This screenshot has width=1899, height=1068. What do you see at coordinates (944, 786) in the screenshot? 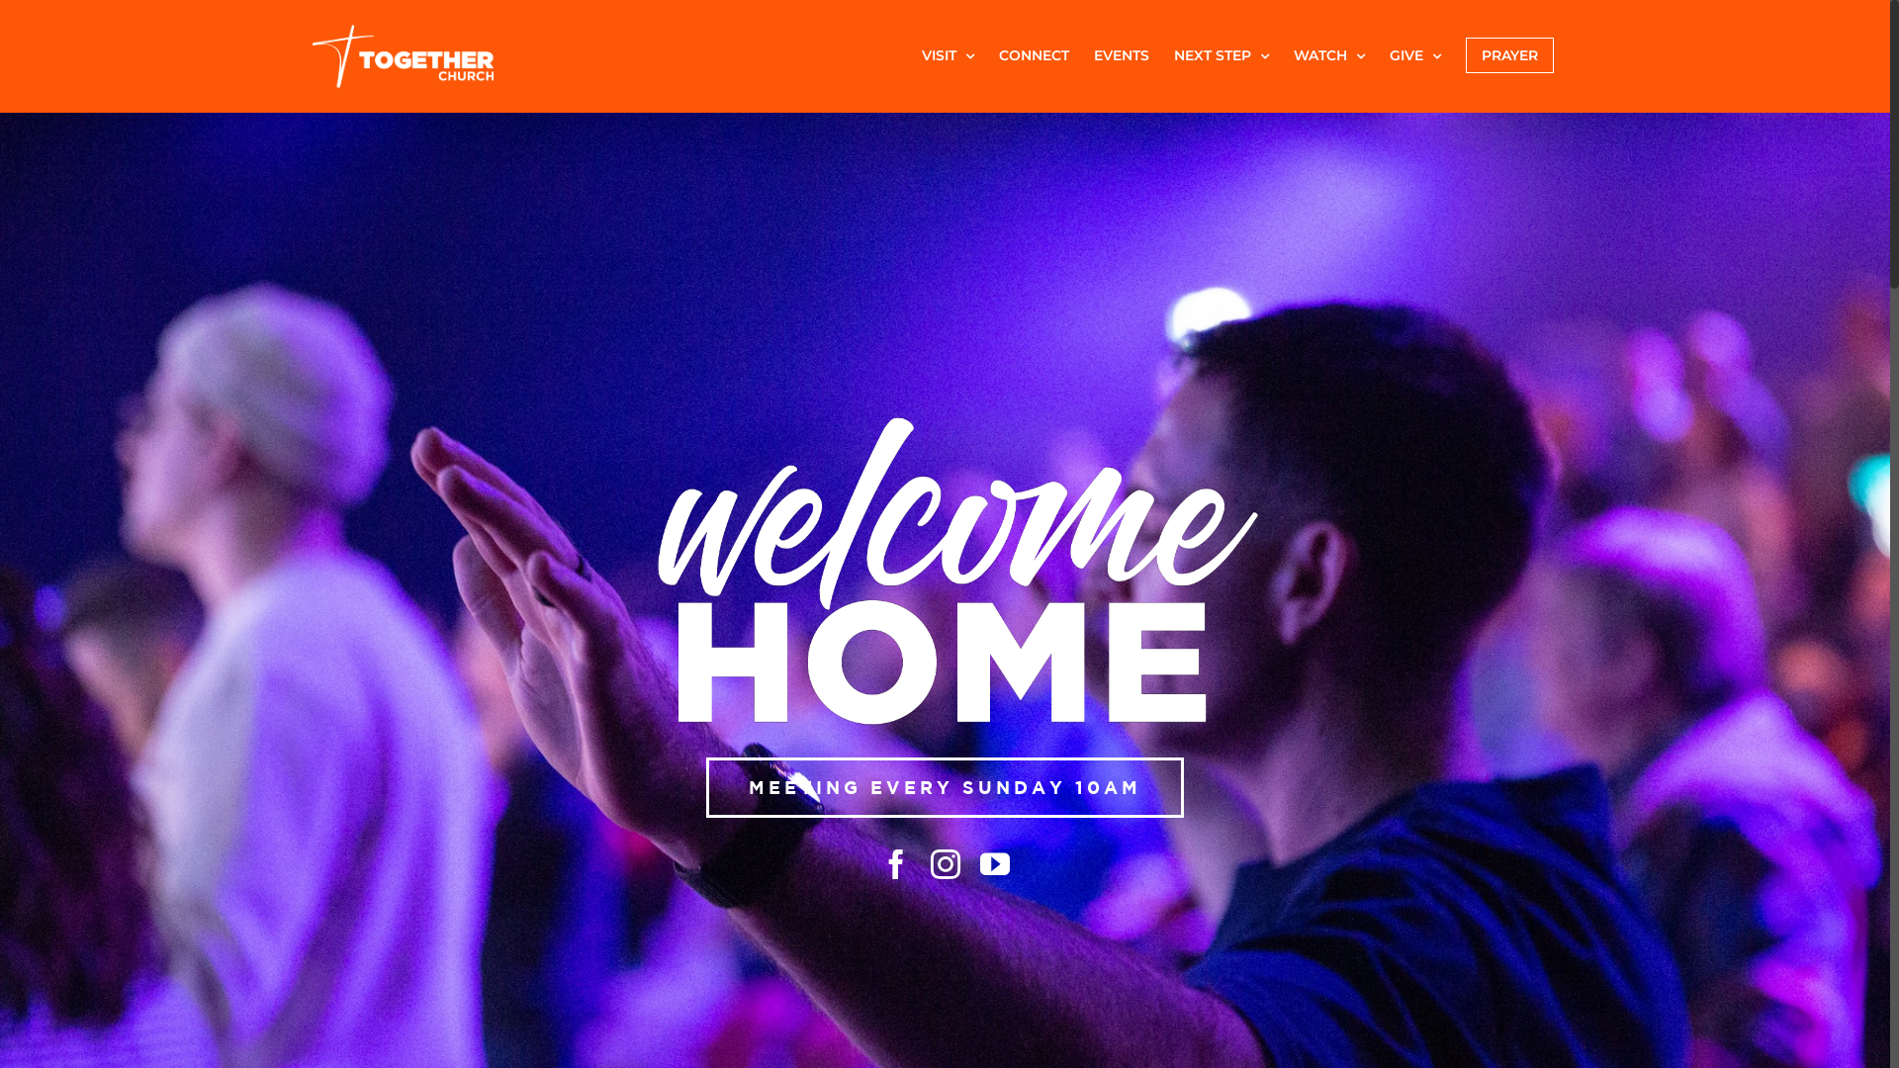
I see `'MEETING EVERY SUNDAY 10AM'` at bounding box center [944, 786].